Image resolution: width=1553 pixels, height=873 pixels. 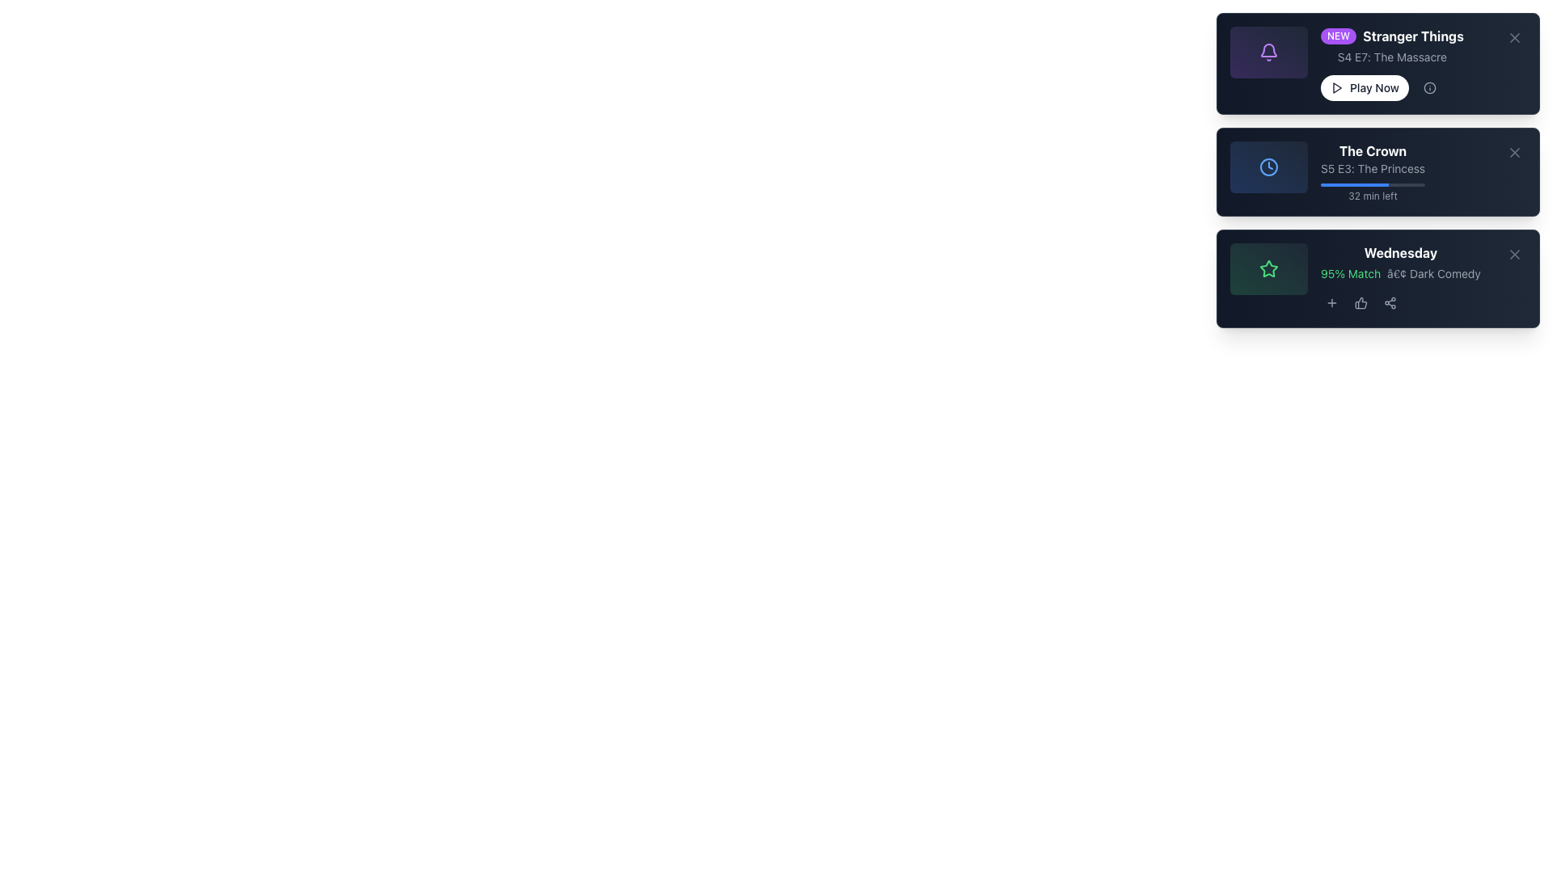 What do you see at coordinates (1513, 255) in the screenshot?
I see `the close button located in the top-right corner of the card displaying 'Wednesday'` at bounding box center [1513, 255].